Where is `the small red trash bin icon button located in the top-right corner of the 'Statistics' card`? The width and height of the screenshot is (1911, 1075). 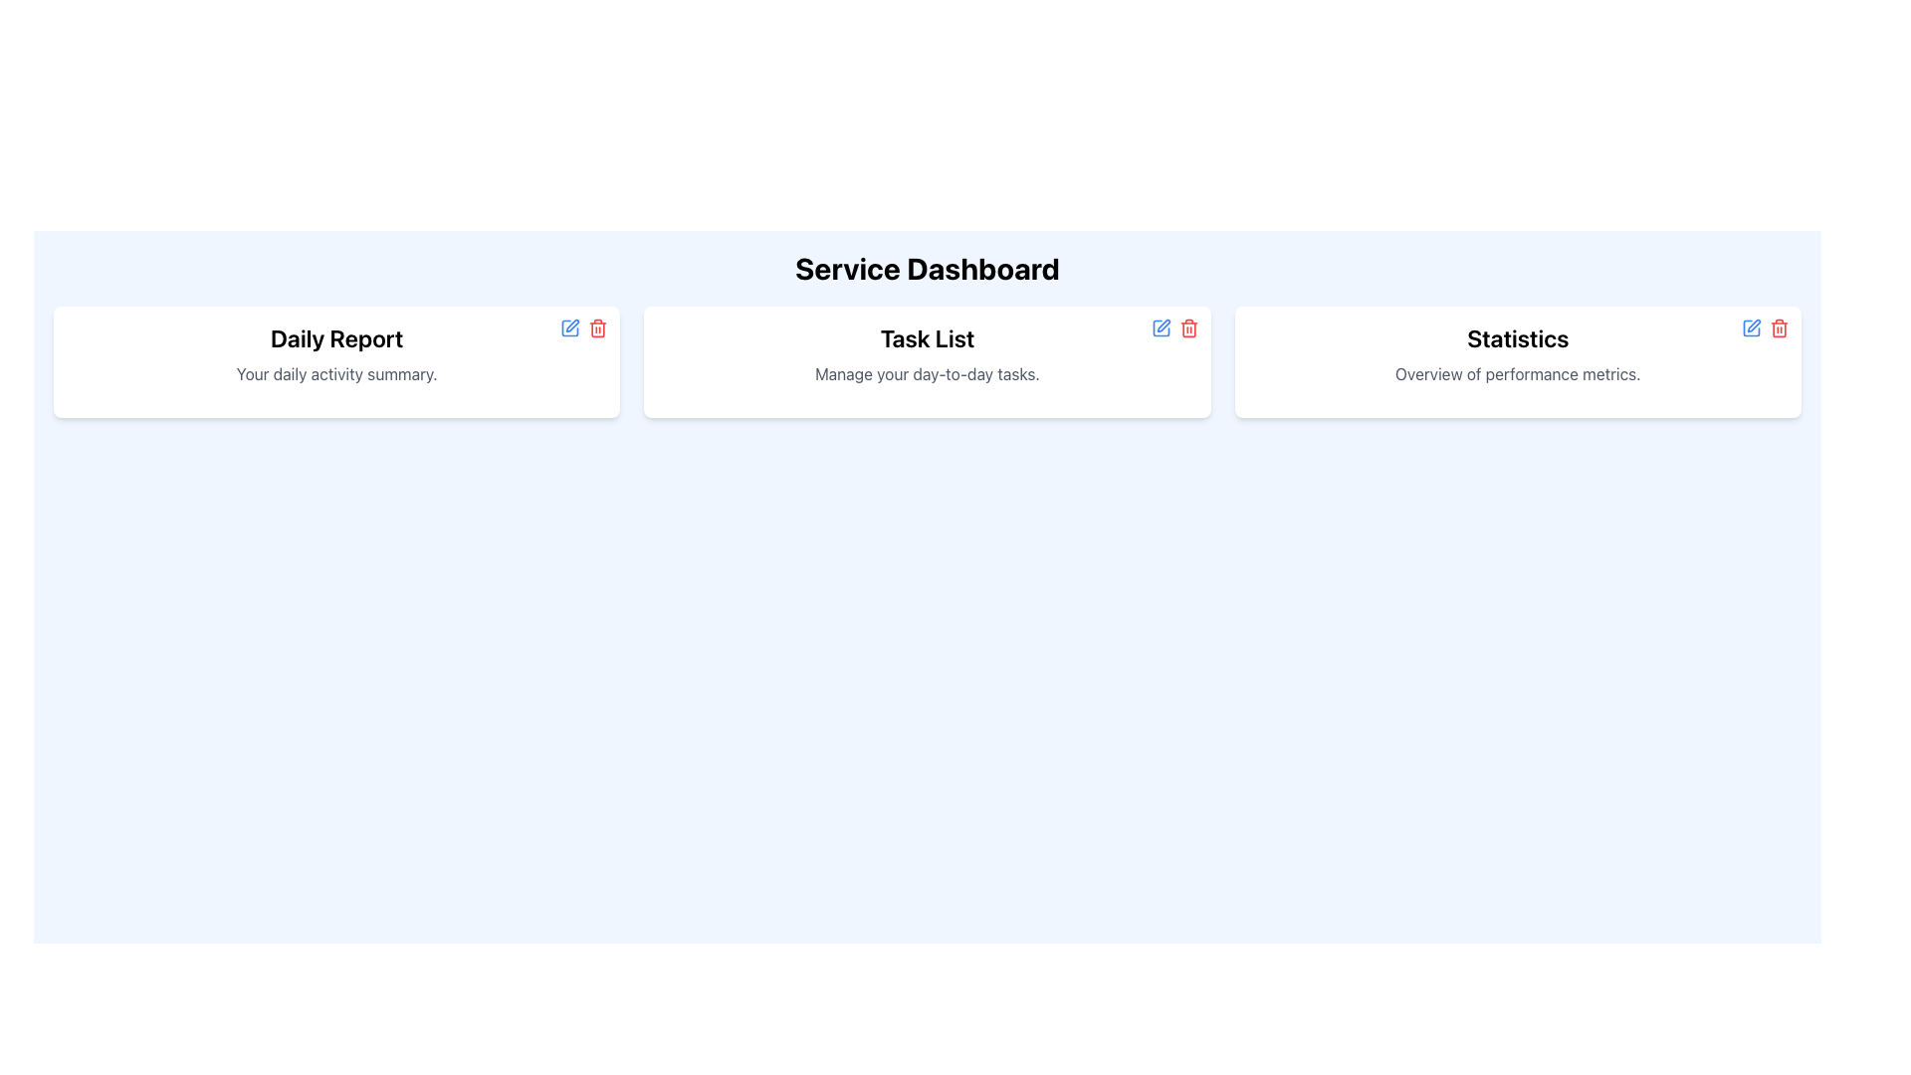
the small red trash bin icon button located in the top-right corner of the 'Statistics' card is located at coordinates (1765, 327).